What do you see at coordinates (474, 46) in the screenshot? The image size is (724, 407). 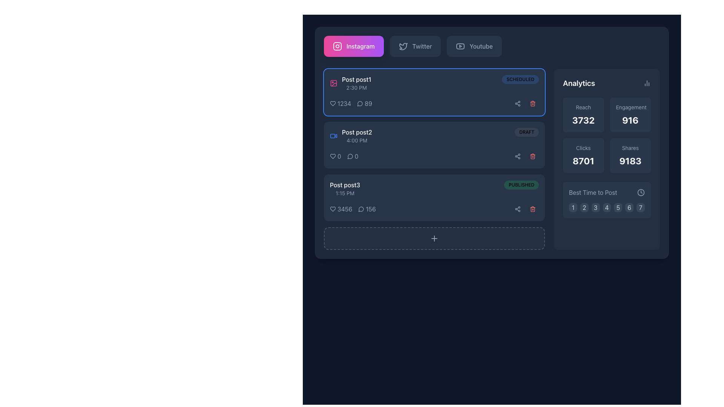 I see `the YouTube button, which is a rectangular button with a muted gray background, rounded corners, and features a YouTube logo on the left and 'YouTube' text on the right` at bounding box center [474, 46].